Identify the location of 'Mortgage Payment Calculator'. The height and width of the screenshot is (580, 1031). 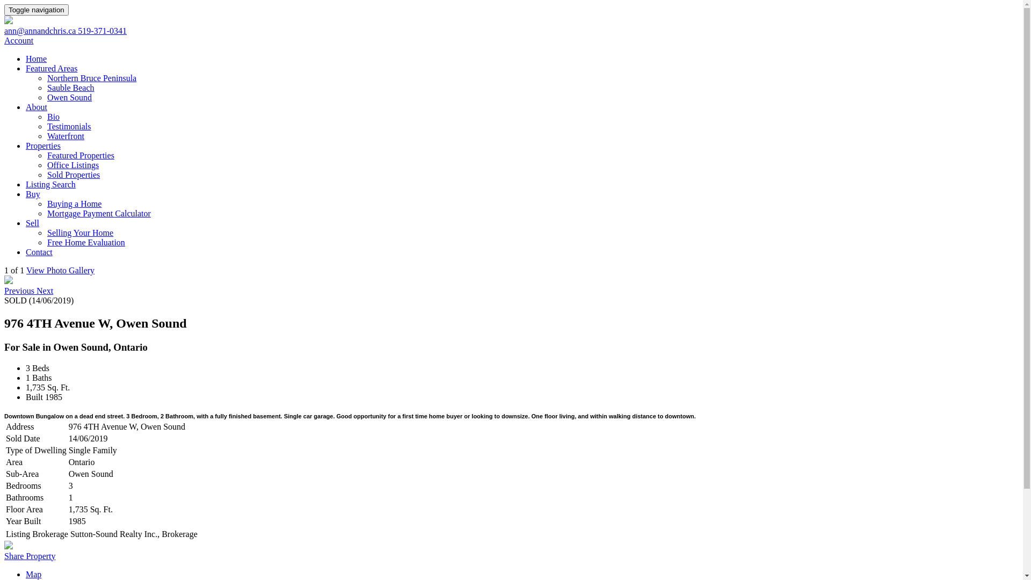
(99, 213).